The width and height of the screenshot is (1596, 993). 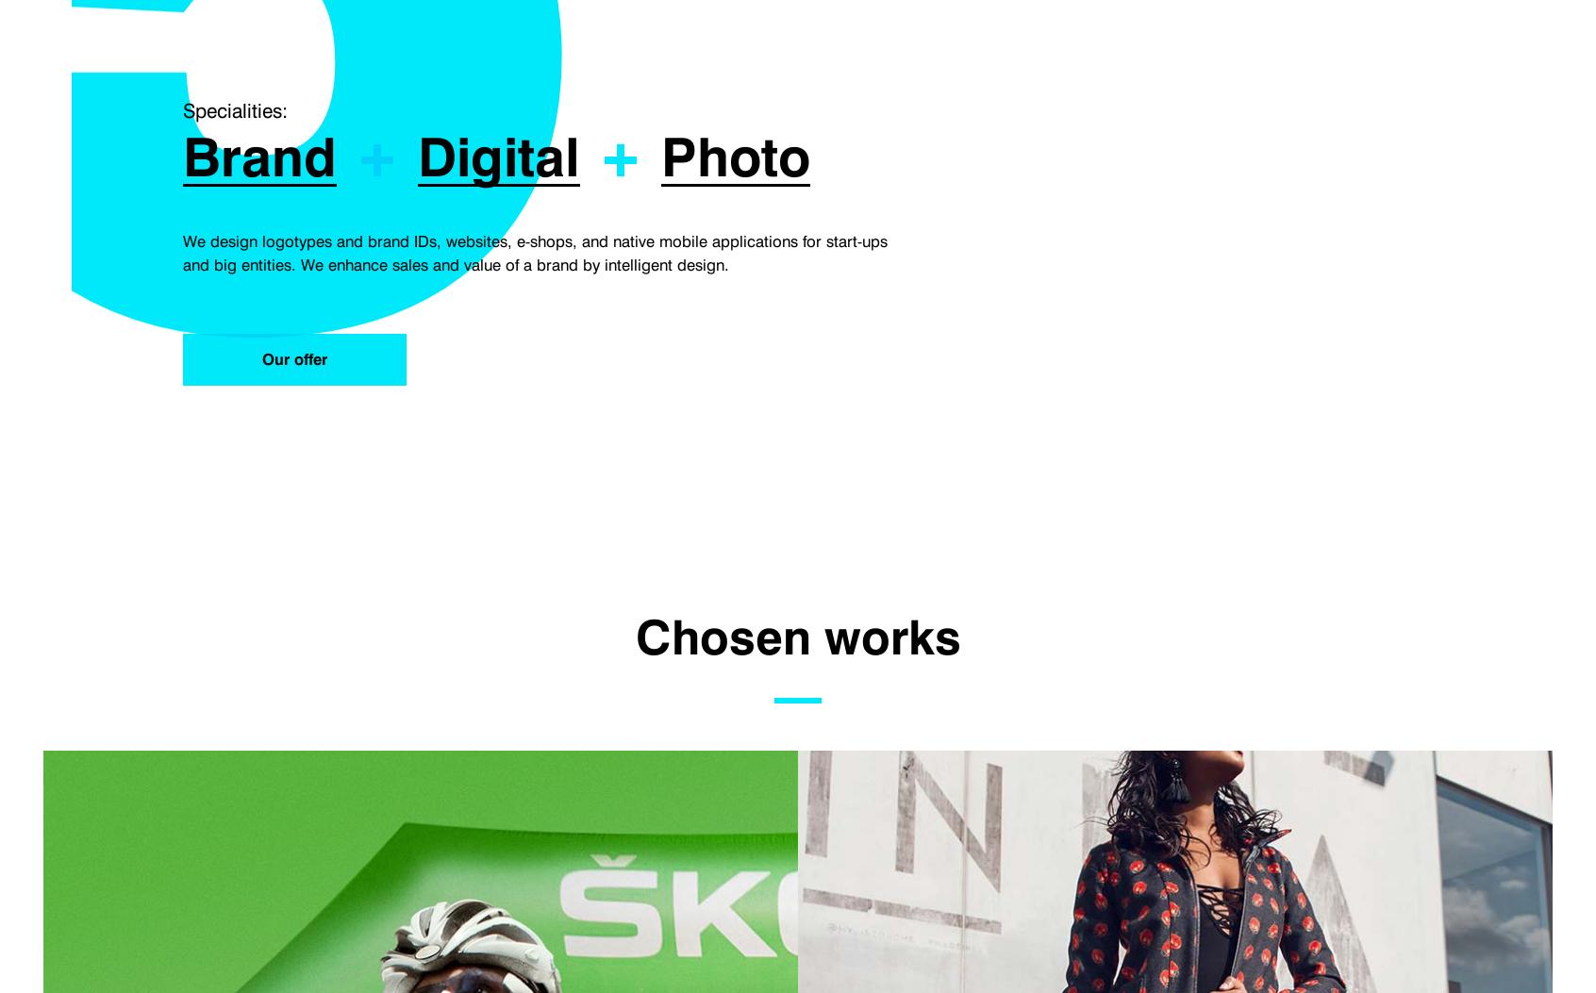 I want to click on 'l', so click(x=563, y=157).